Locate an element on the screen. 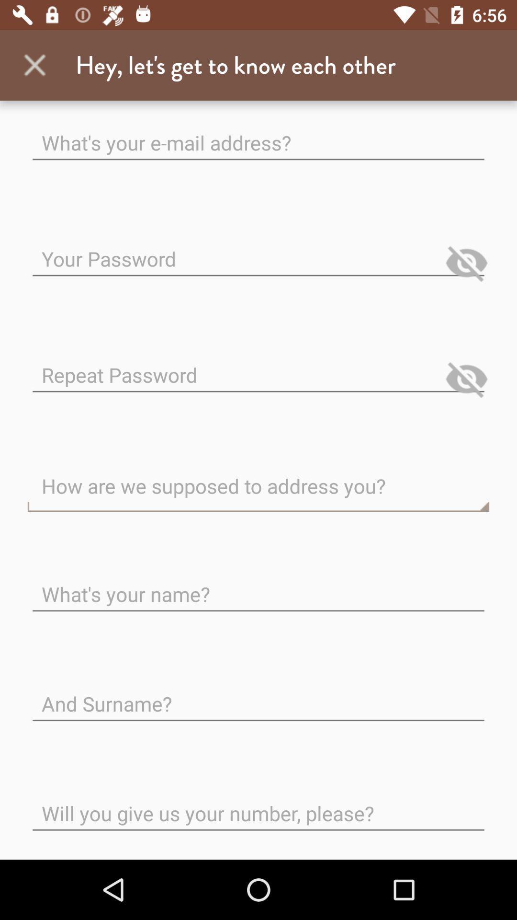 The image size is (517, 920). show input is located at coordinates (466, 379).